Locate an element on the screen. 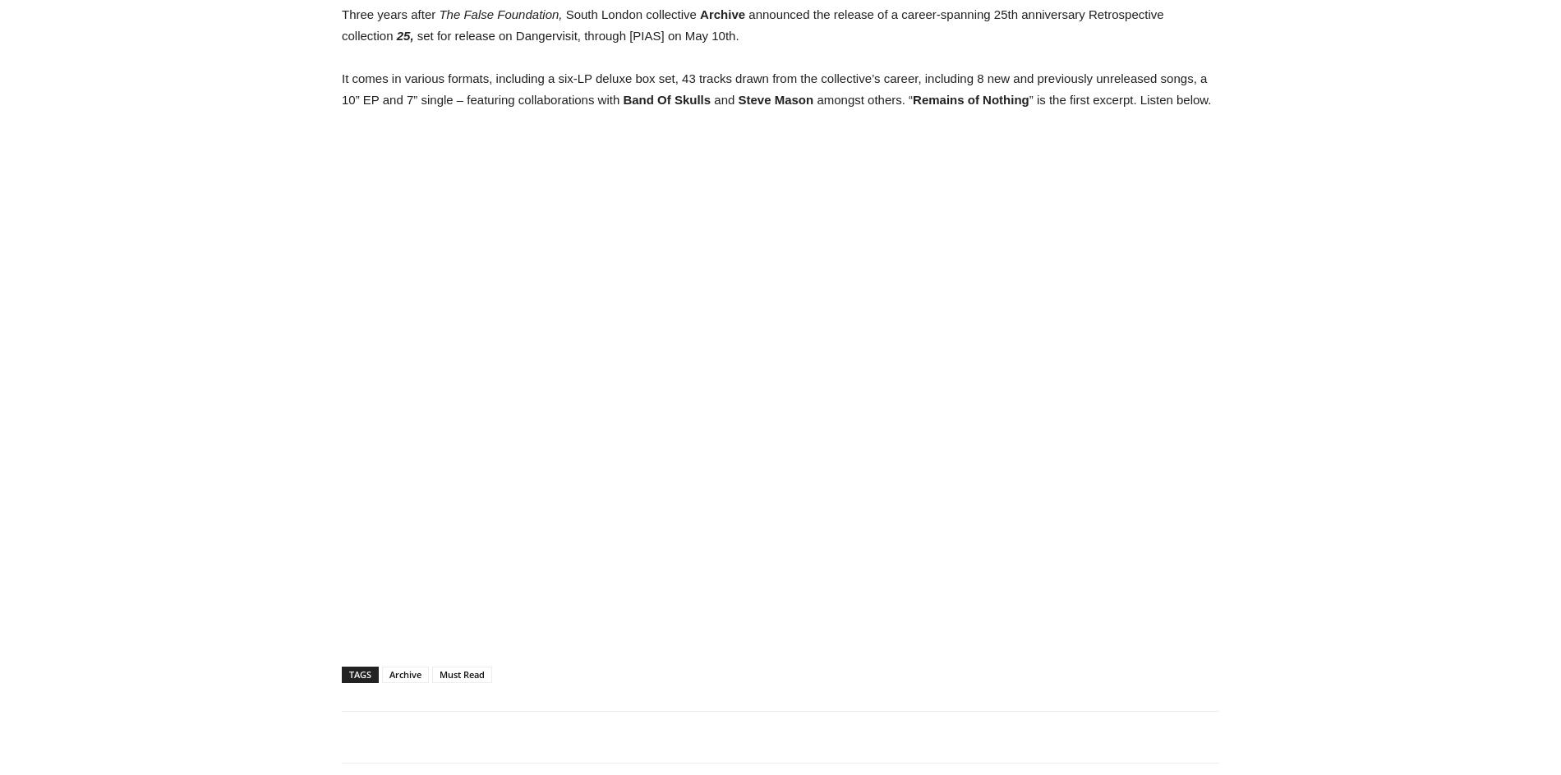 The image size is (1561, 775). '25,' is located at coordinates (396, 35).